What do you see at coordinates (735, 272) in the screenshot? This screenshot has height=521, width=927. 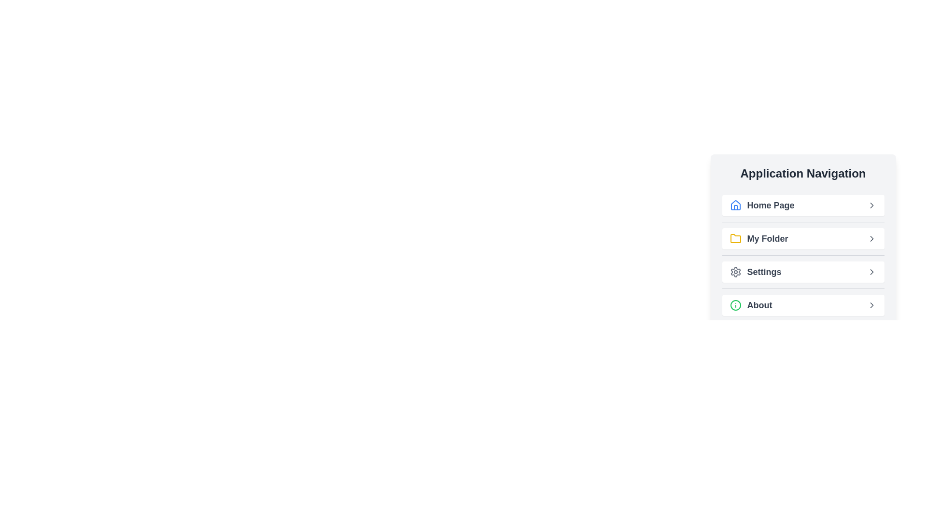 I see `the visual representation of the 'Settings' icon, which is the first element in the 'Settings' navigation option within the application interface` at bounding box center [735, 272].